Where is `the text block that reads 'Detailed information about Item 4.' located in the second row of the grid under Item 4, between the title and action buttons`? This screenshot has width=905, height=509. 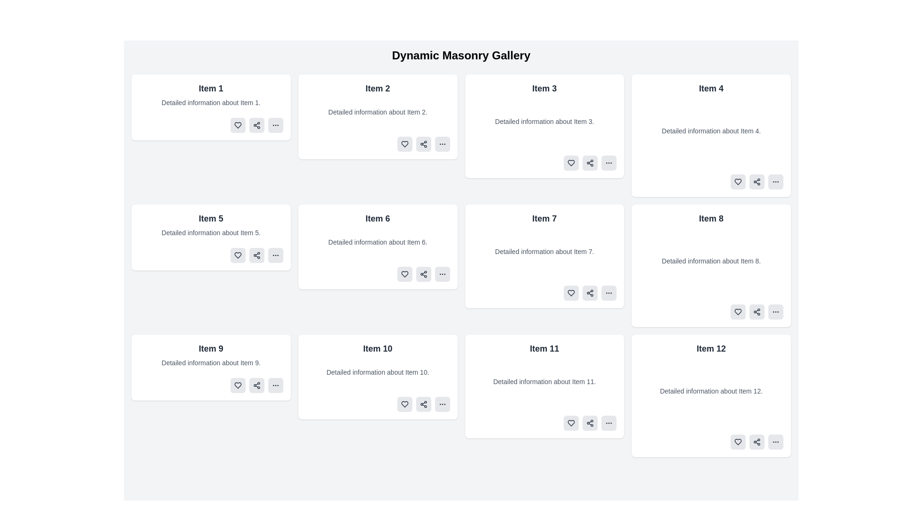 the text block that reads 'Detailed information about Item 4.' located in the second row of the grid under Item 4, between the title and action buttons is located at coordinates (711, 131).